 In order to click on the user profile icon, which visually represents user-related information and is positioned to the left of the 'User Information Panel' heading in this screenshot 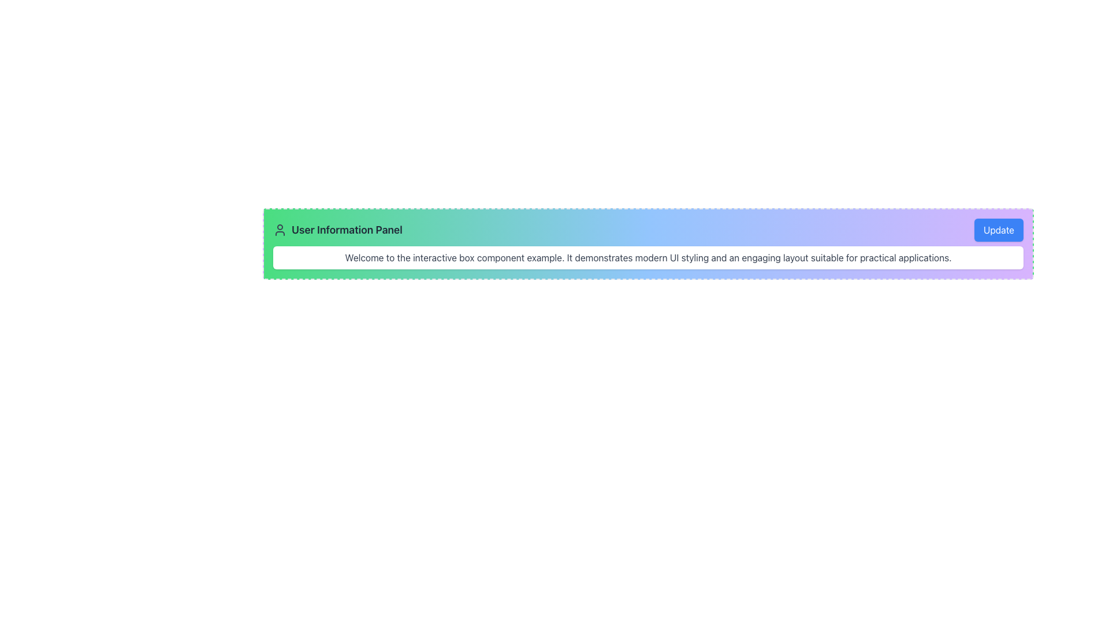, I will do `click(280, 230)`.